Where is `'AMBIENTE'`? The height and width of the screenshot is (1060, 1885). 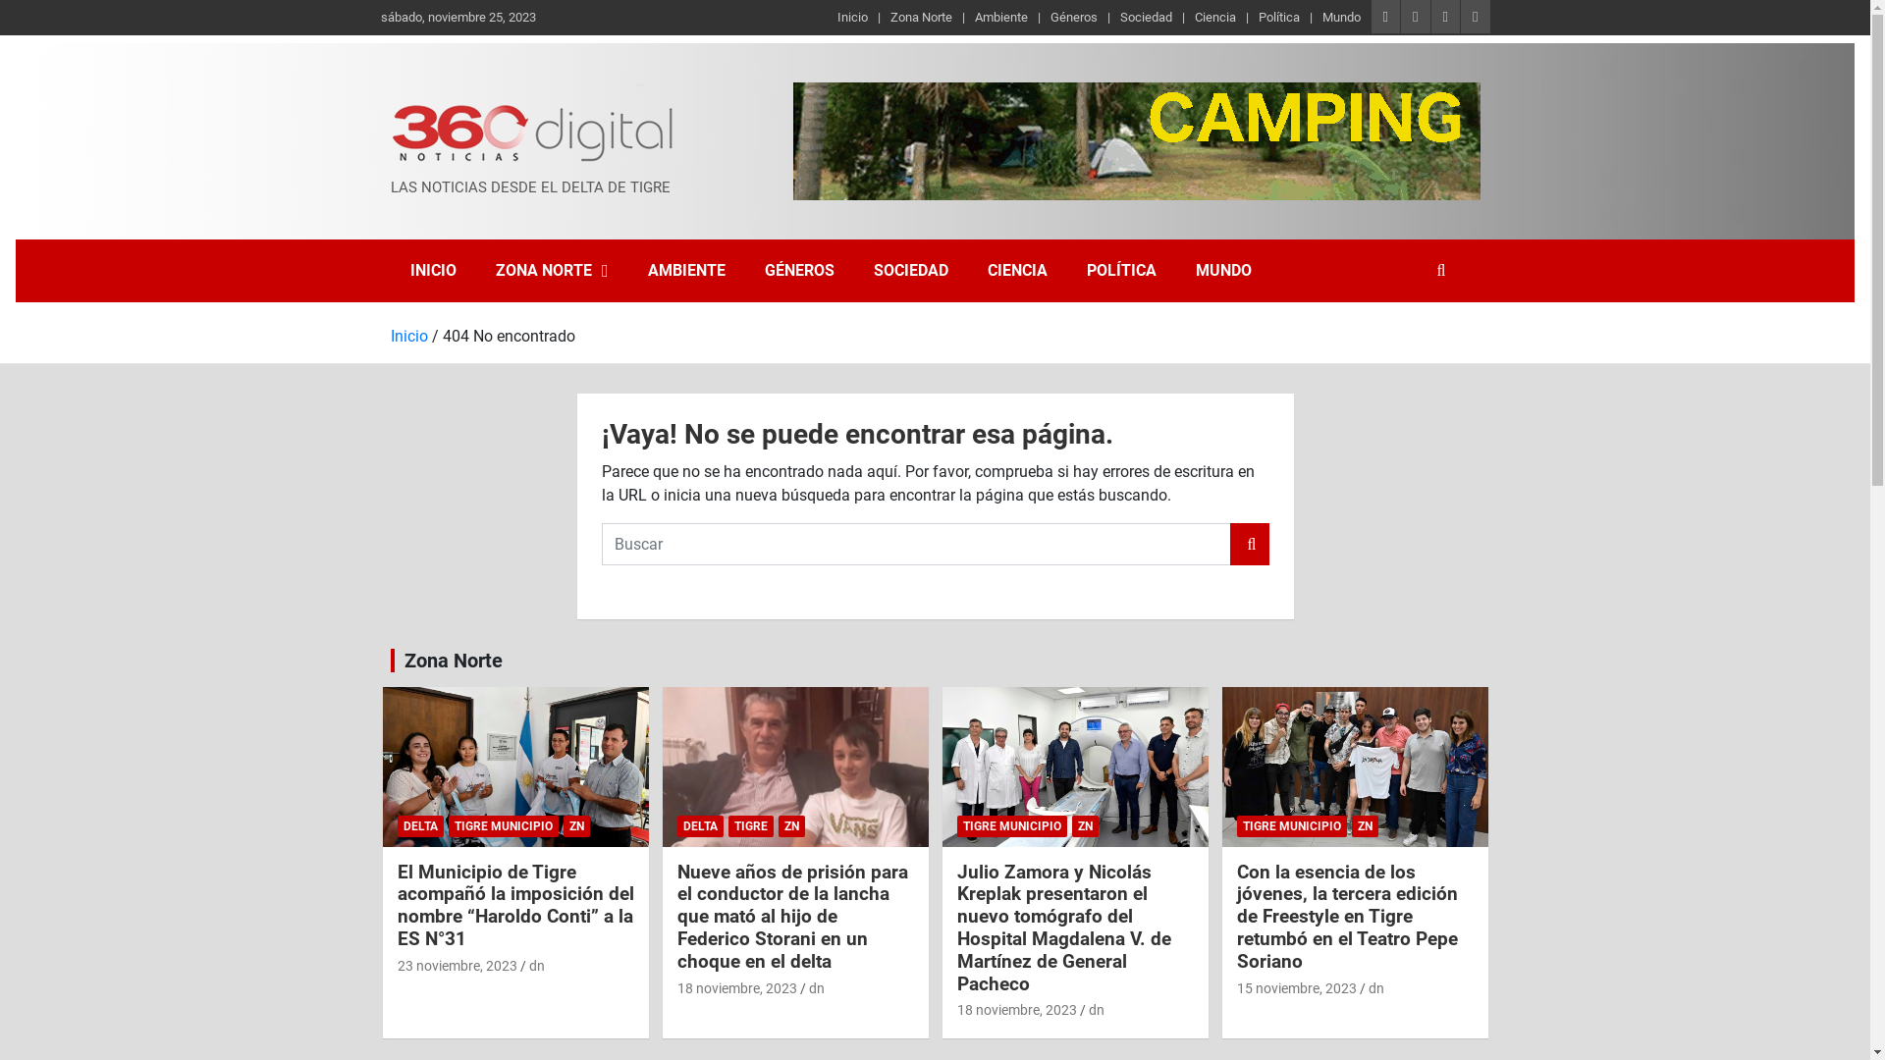 'AMBIENTE' is located at coordinates (686, 271).